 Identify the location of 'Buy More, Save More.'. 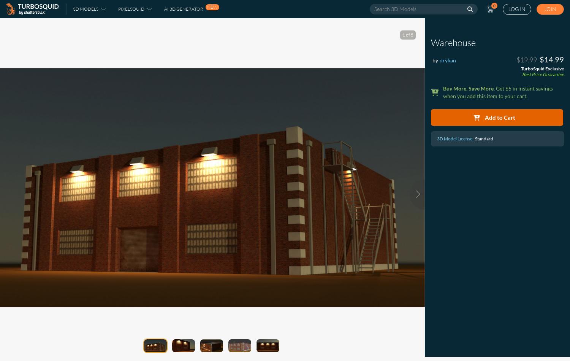
(469, 88).